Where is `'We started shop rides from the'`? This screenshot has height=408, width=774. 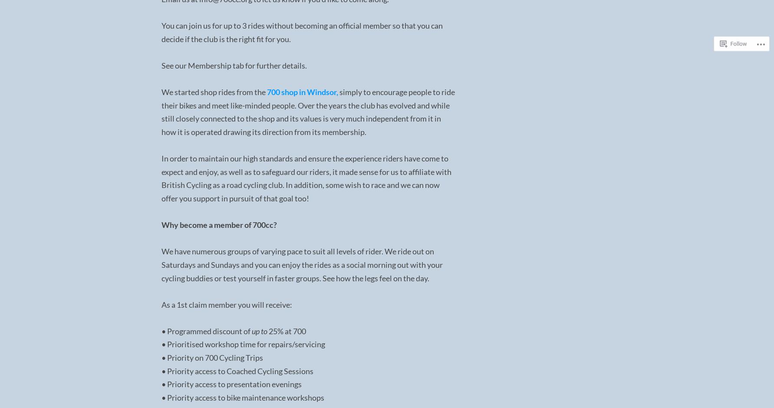 'We started shop rides from the' is located at coordinates (214, 91).